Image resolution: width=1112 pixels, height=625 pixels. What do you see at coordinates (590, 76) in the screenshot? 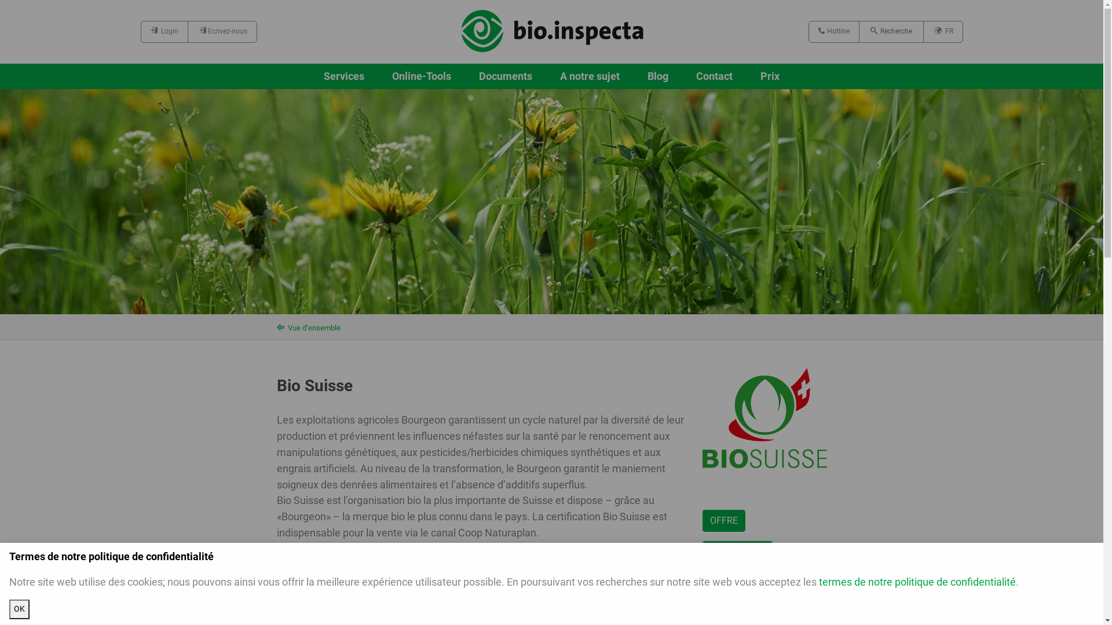
I see `'A notre sujet'` at bounding box center [590, 76].